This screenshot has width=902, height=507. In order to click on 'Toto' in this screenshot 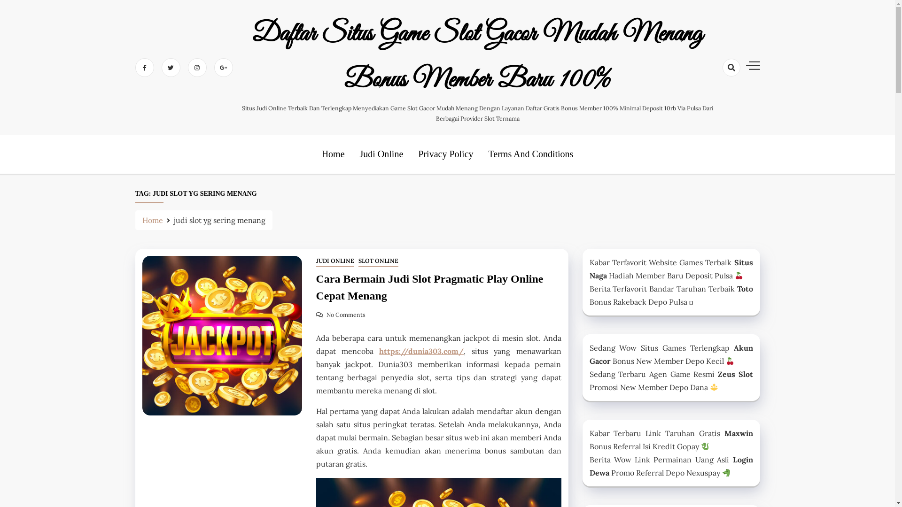, I will do `click(744, 288)`.